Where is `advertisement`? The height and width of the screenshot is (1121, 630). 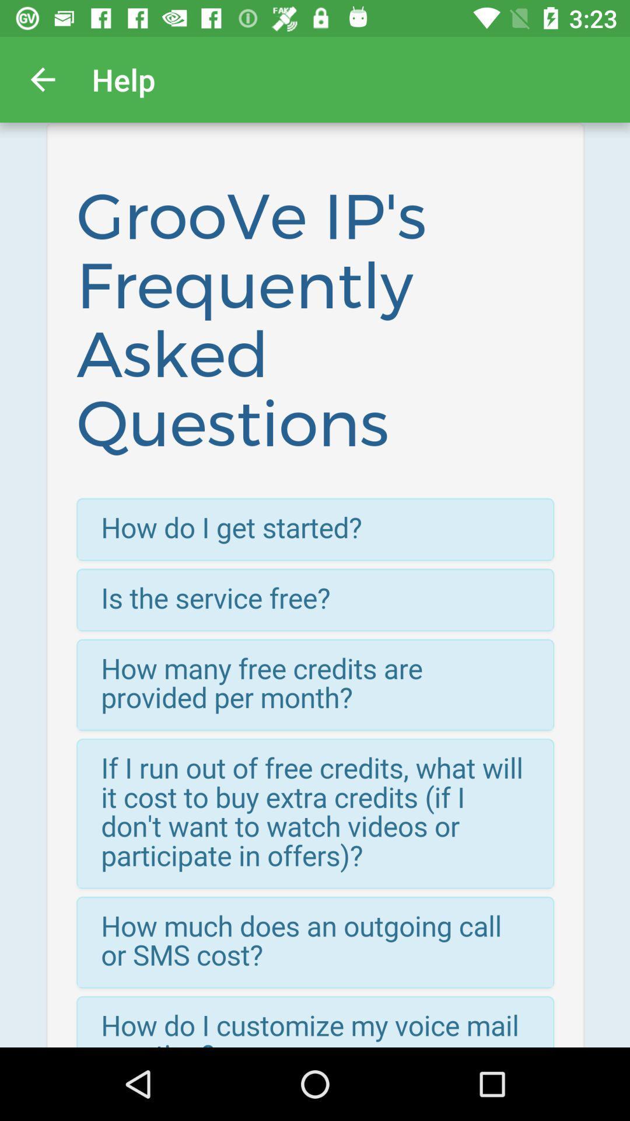 advertisement is located at coordinates (315, 585).